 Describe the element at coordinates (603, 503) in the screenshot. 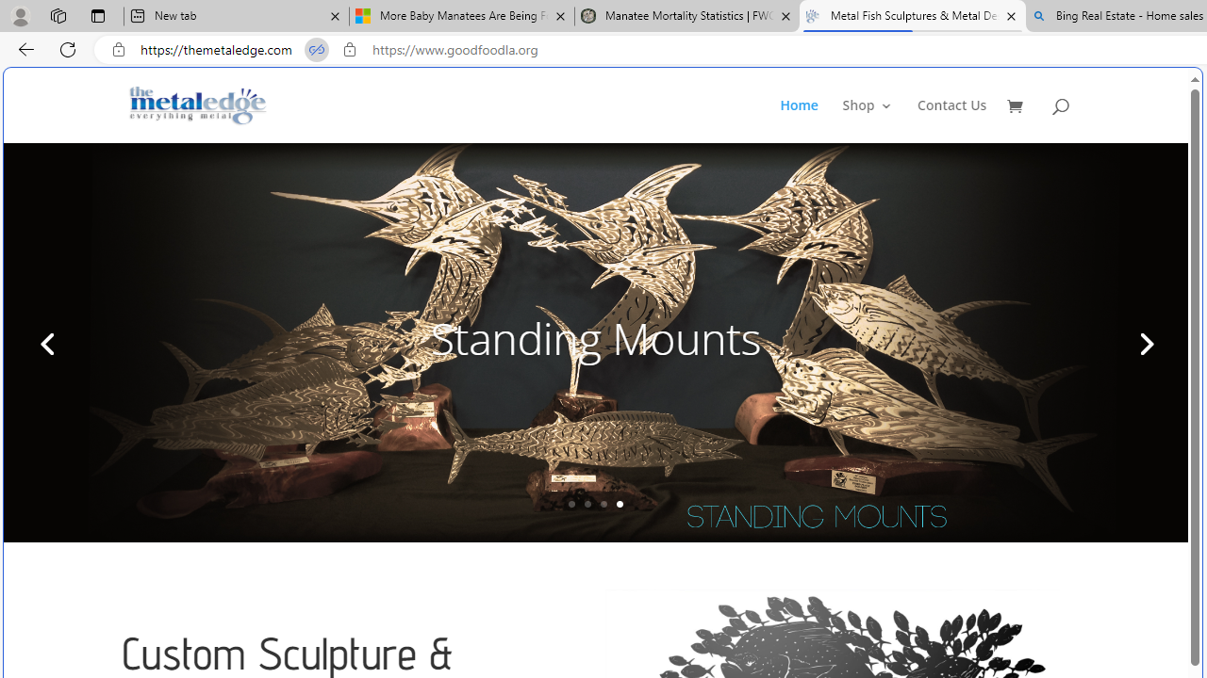

I see `'3'` at that location.